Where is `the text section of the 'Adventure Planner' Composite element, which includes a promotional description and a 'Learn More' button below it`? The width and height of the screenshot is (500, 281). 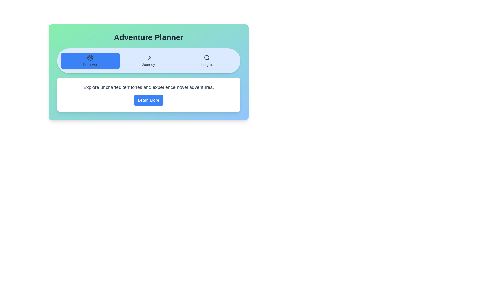
the text section of the 'Adventure Planner' Composite element, which includes a promotional description and a 'Learn More' button below it is located at coordinates (148, 80).